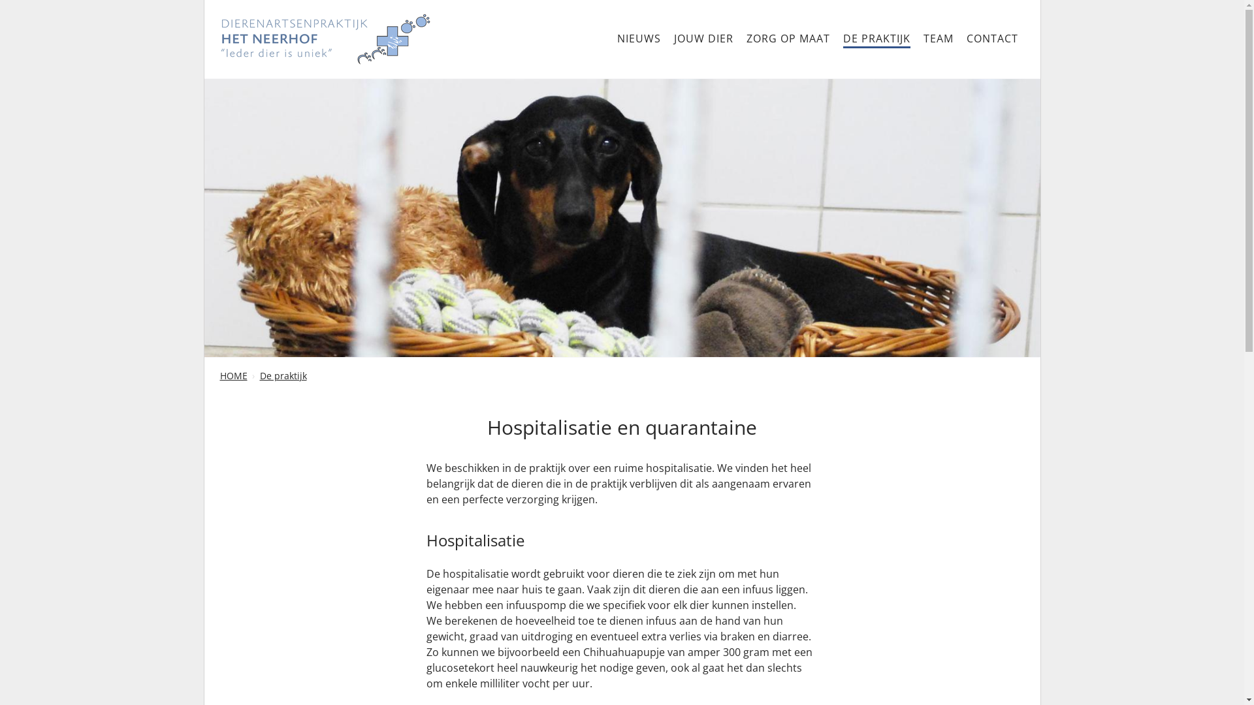  What do you see at coordinates (746, 38) in the screenshot?
I see `'ZORG OP MAAT'` at bounding box center [746, 38].